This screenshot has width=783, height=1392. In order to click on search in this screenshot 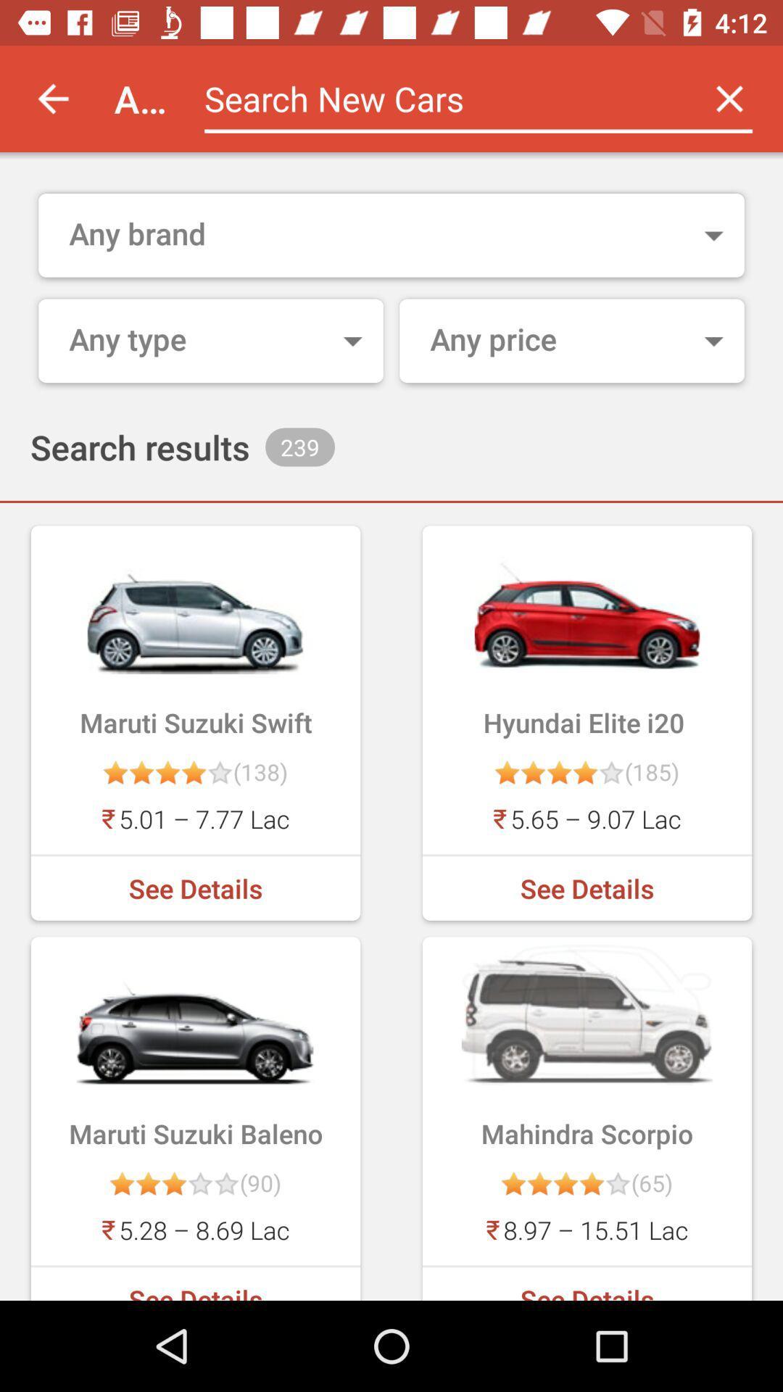, I will do `click(439, 98)`.